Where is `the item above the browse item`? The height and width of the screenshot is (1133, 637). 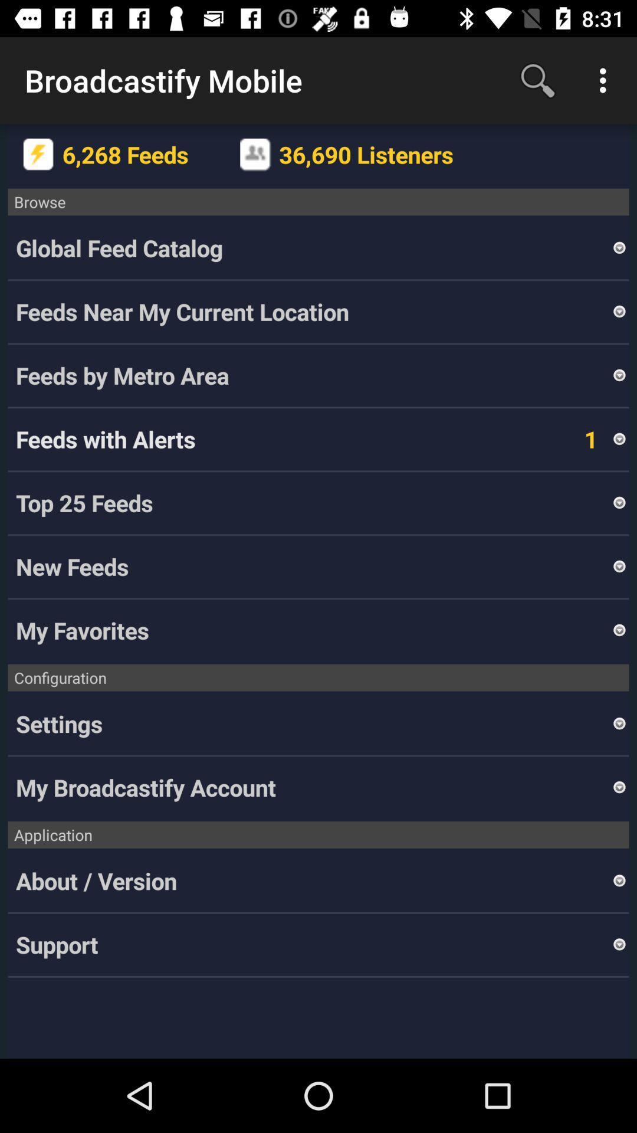
the item above the browse item is located at coordinates (255, 154).